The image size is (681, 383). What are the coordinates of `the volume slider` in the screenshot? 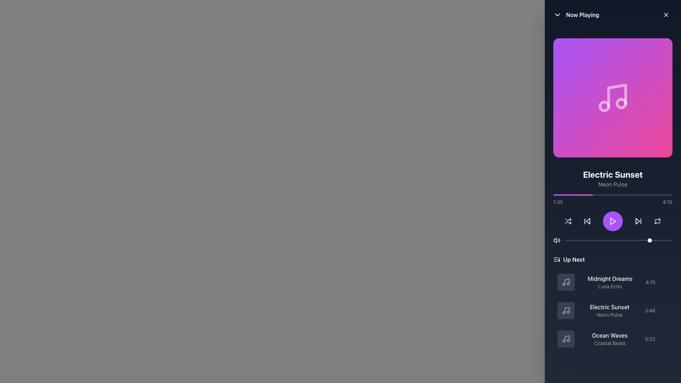 It's located at (638, 240).